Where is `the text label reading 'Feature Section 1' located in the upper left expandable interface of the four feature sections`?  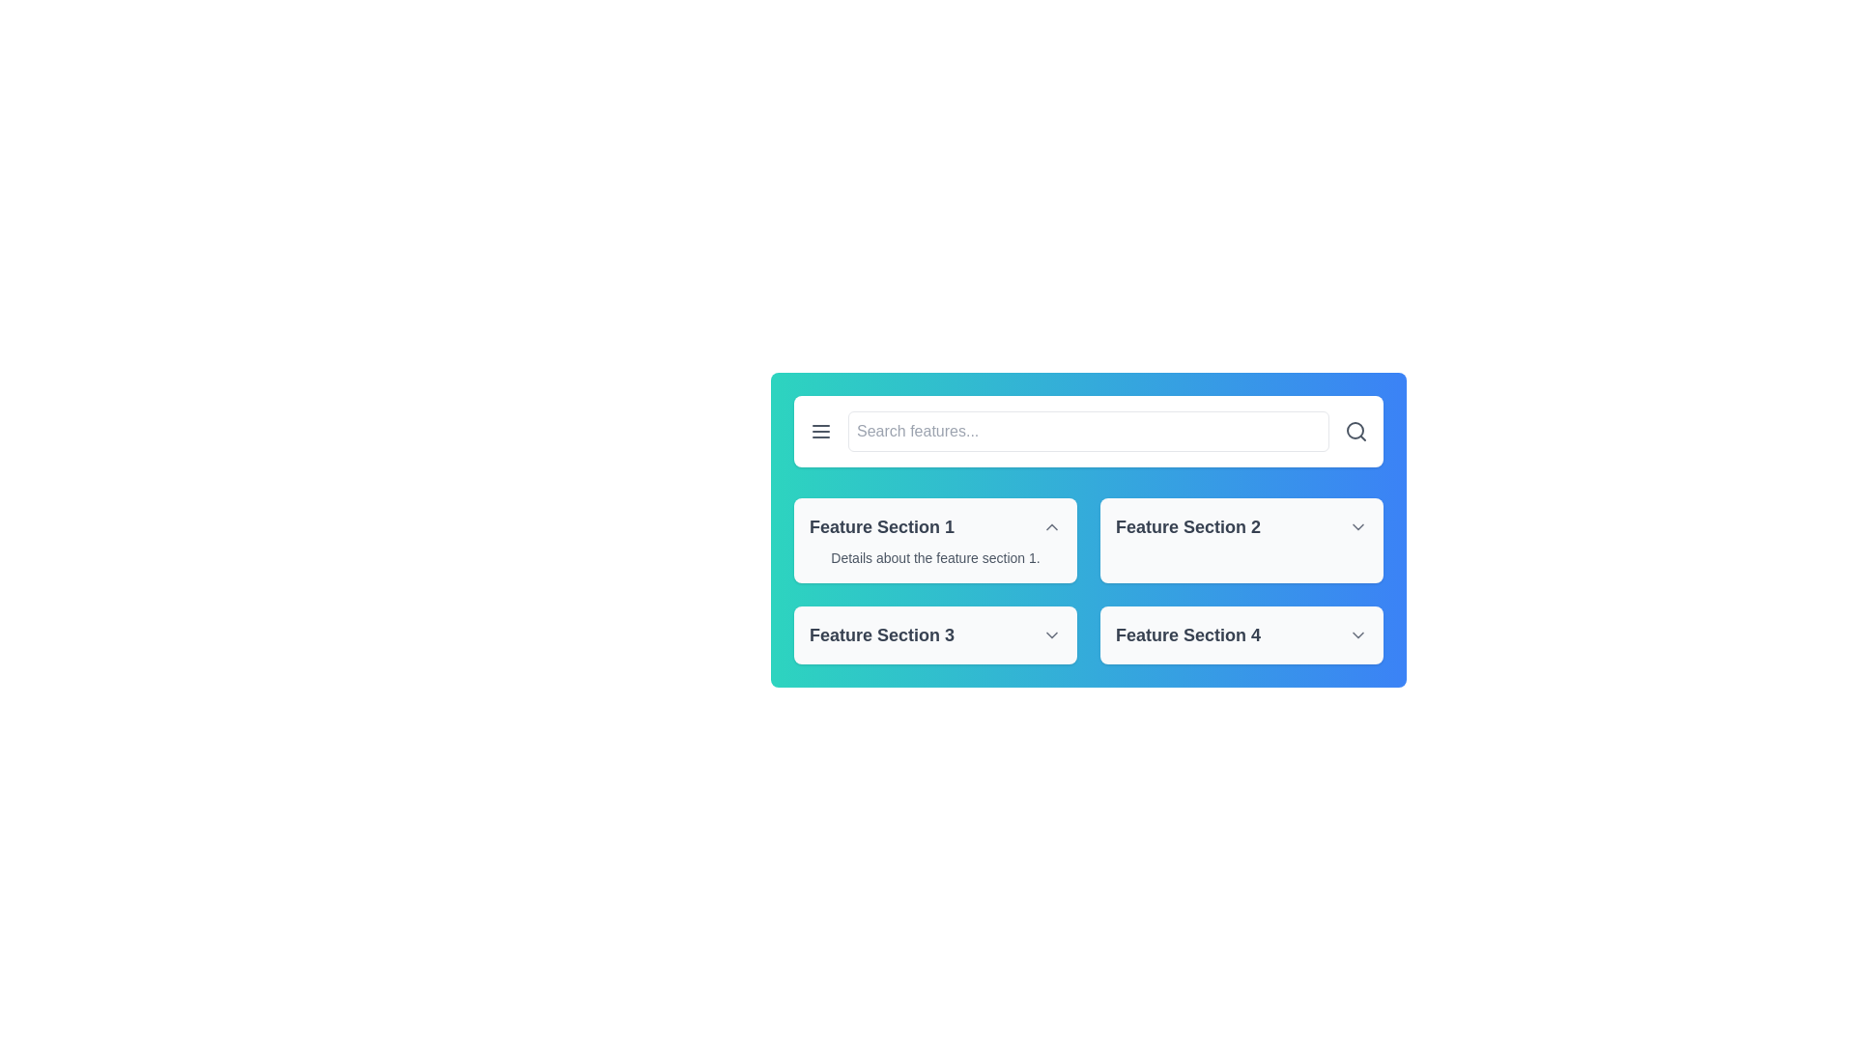
the text label reading 'Feature Section 1' located in the upper left expandable interface of the four feature sections is located at coordinates (880, 527).